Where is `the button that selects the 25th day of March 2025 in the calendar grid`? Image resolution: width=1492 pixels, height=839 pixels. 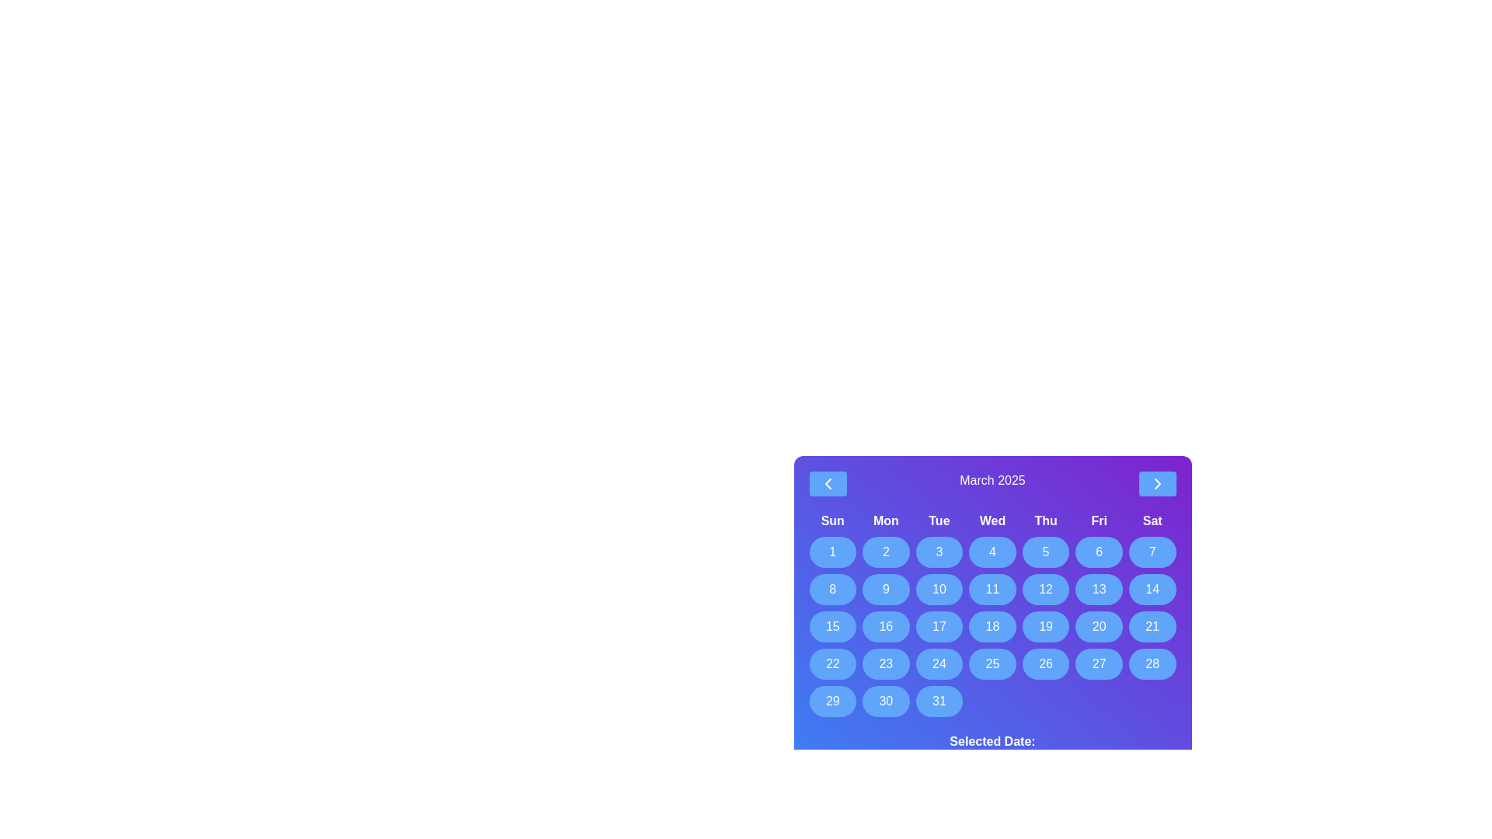 the button that selects the 25th day of March 2025 in the calendar grid is located at coordinates (992, 664).